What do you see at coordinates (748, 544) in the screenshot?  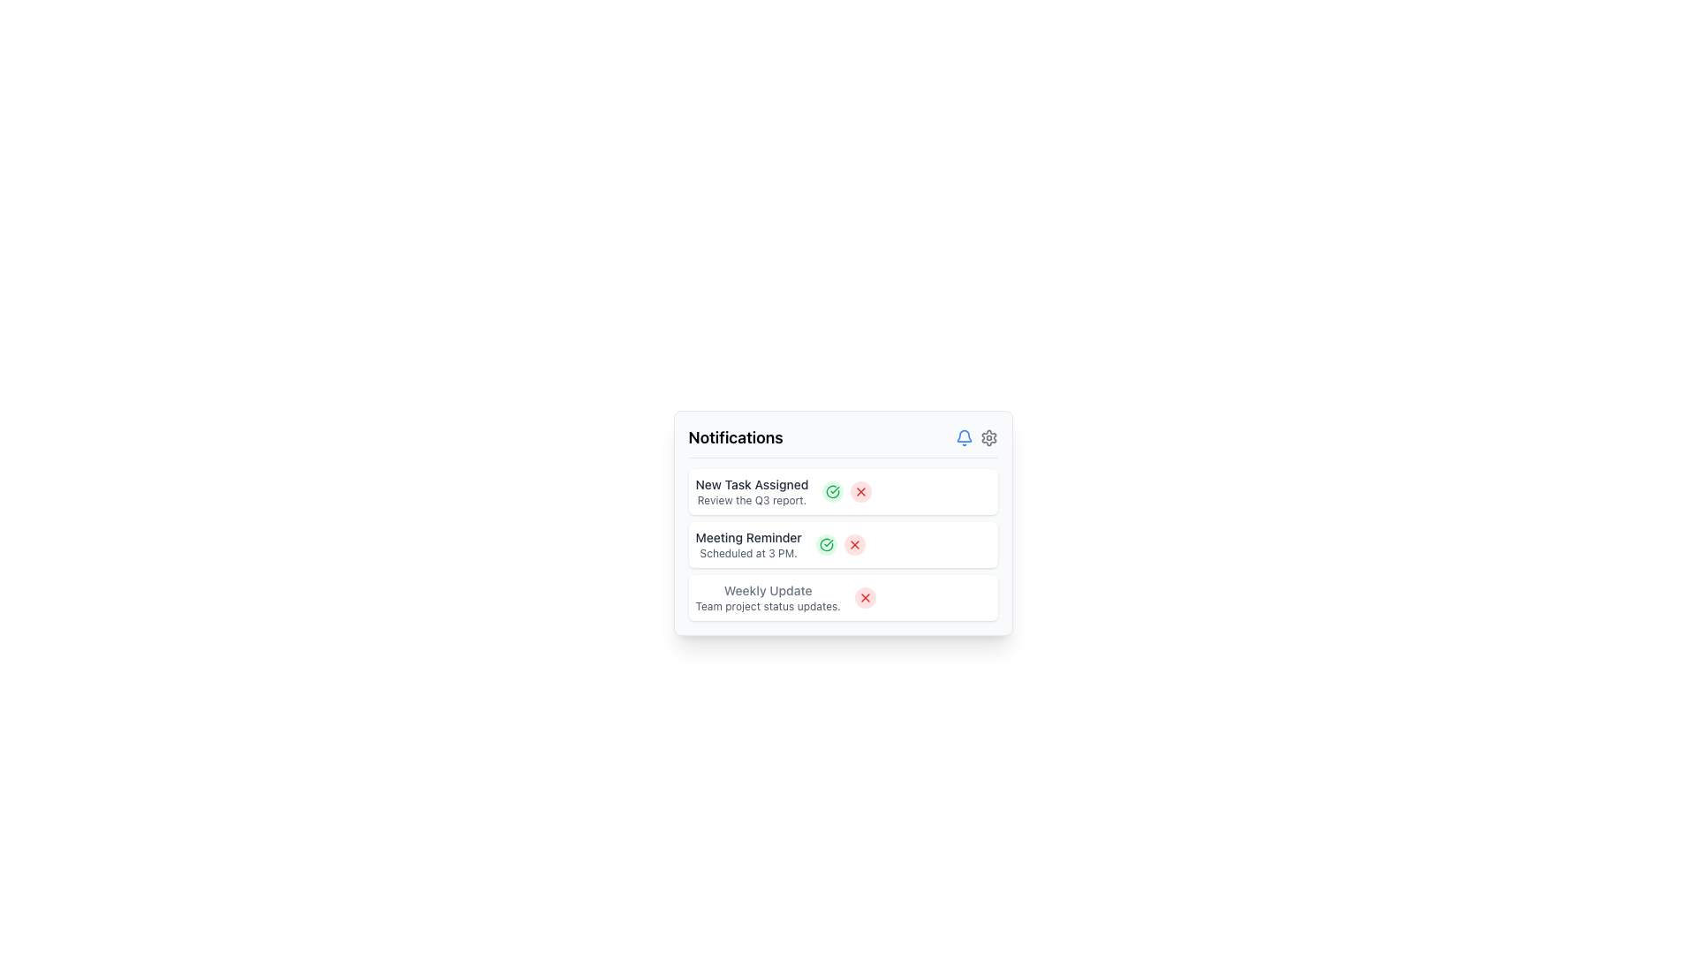 I see `text from the notification titled 'Meeting Reminder' that contains the subtitle 'Scheduled at 3 PM.'` at bounding box center [748, 544].